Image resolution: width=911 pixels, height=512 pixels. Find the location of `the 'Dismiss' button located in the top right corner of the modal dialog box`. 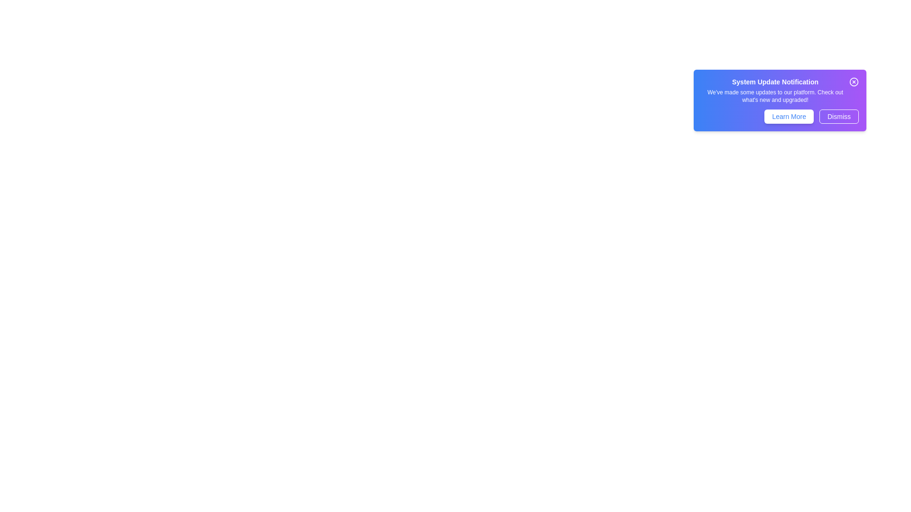

the 'Dismiss' button located in the top right corner of the modal dialog box is located at coordinates (839, 116).